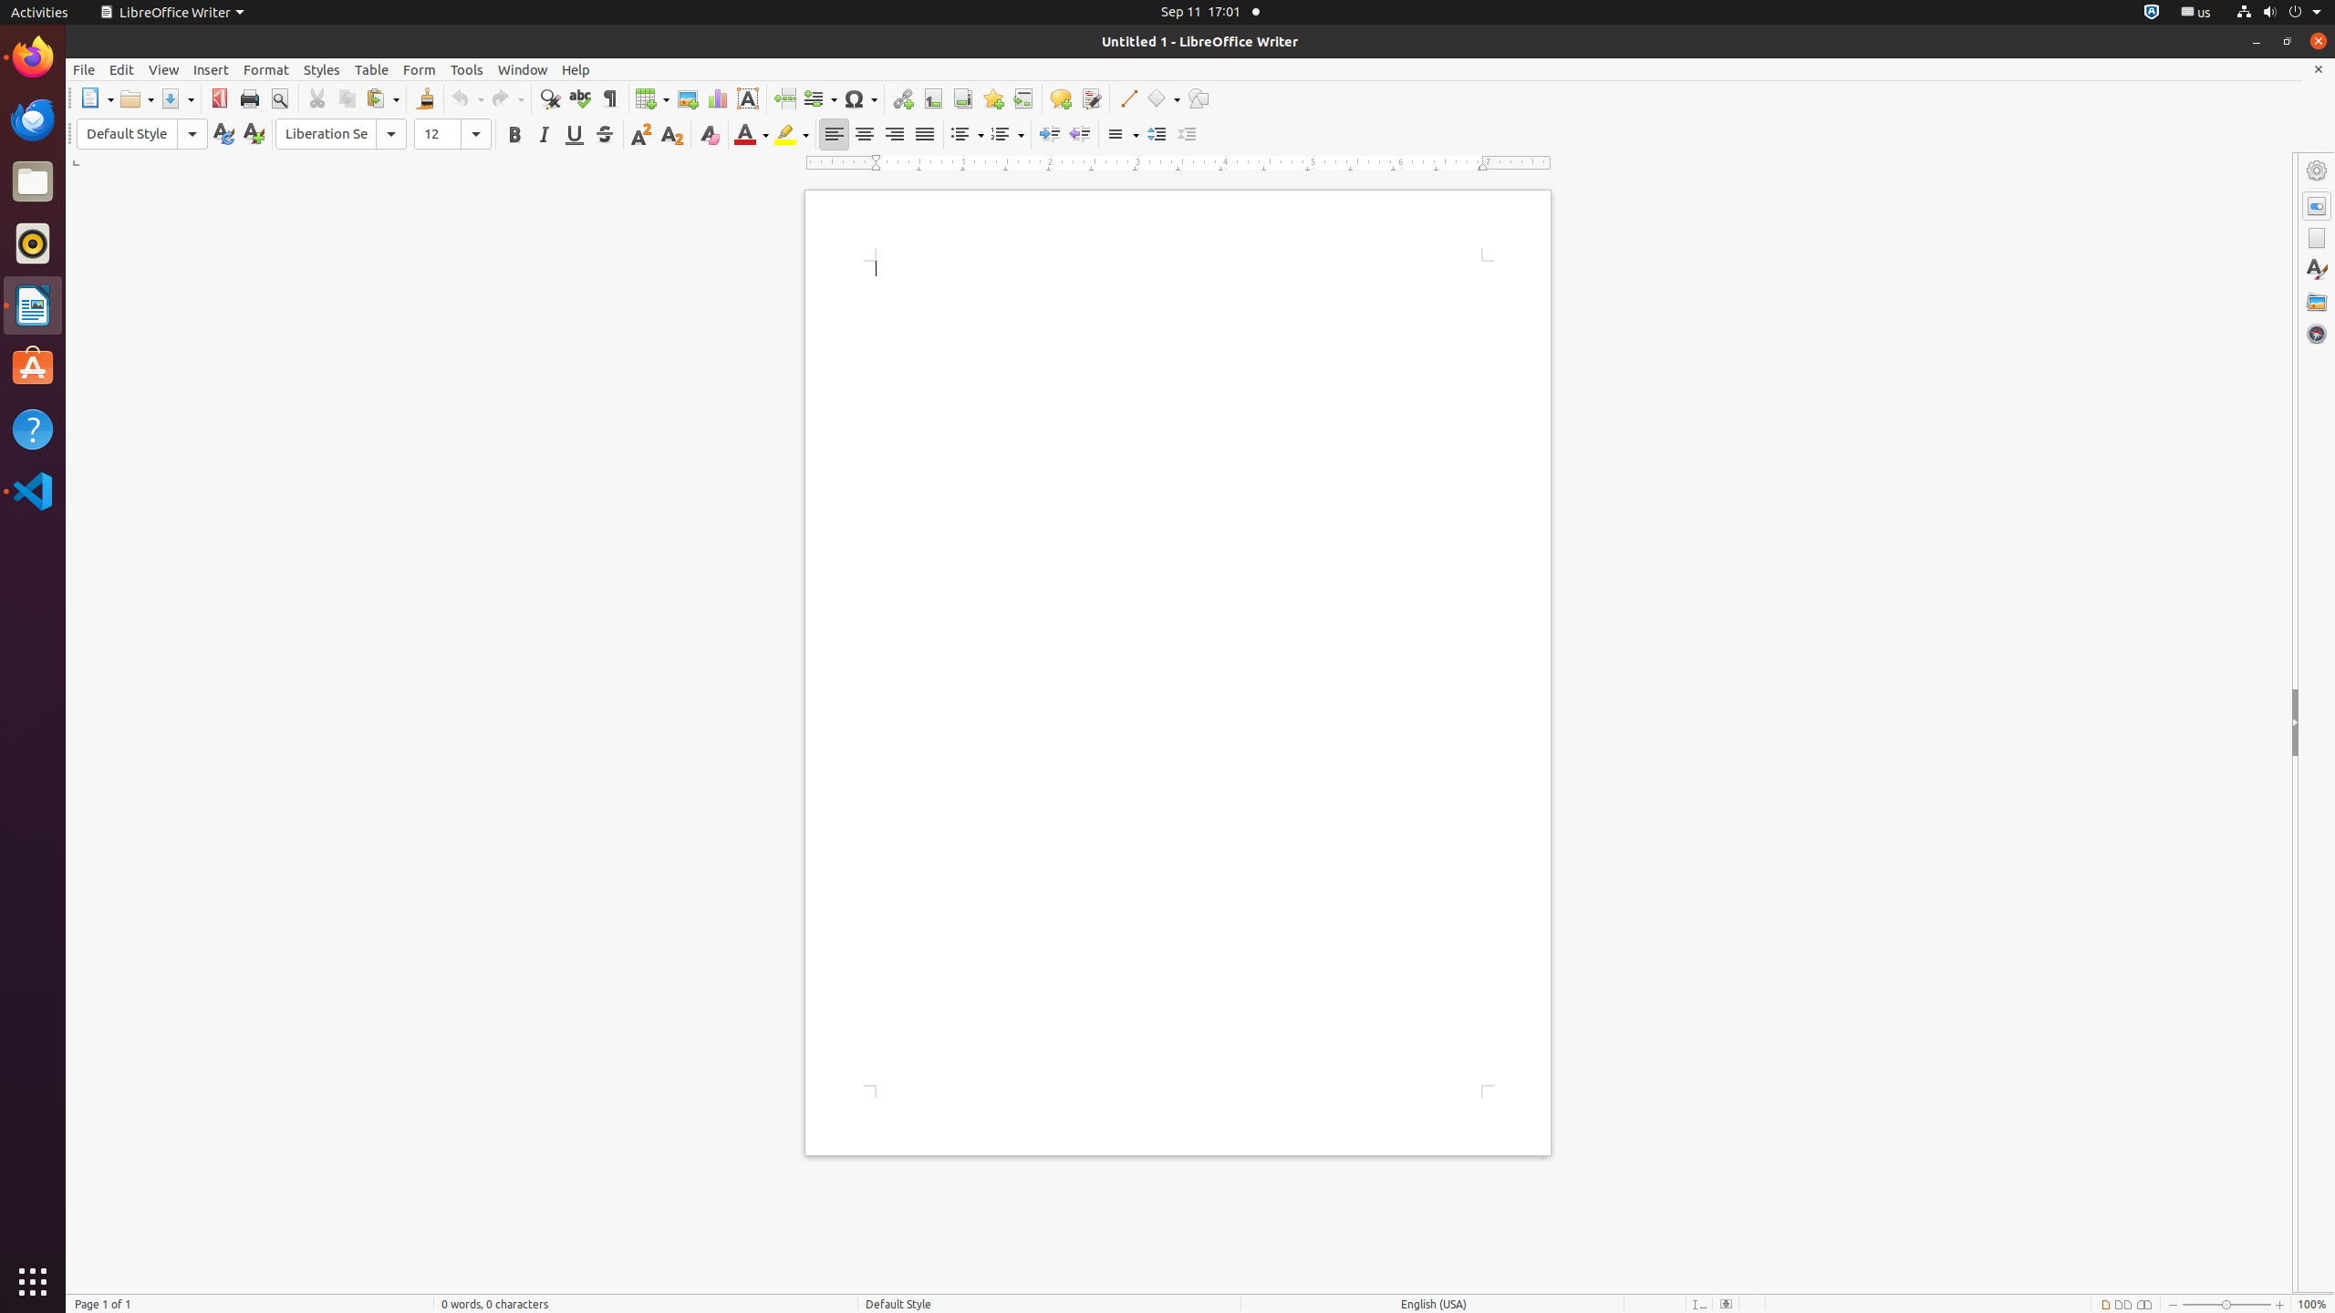 The width and height of the screenshot is (2335, 1313). What do you see at coordinates (176, 98) in the screenshot?
I see `'Save'` at bounding box center [176, 98].